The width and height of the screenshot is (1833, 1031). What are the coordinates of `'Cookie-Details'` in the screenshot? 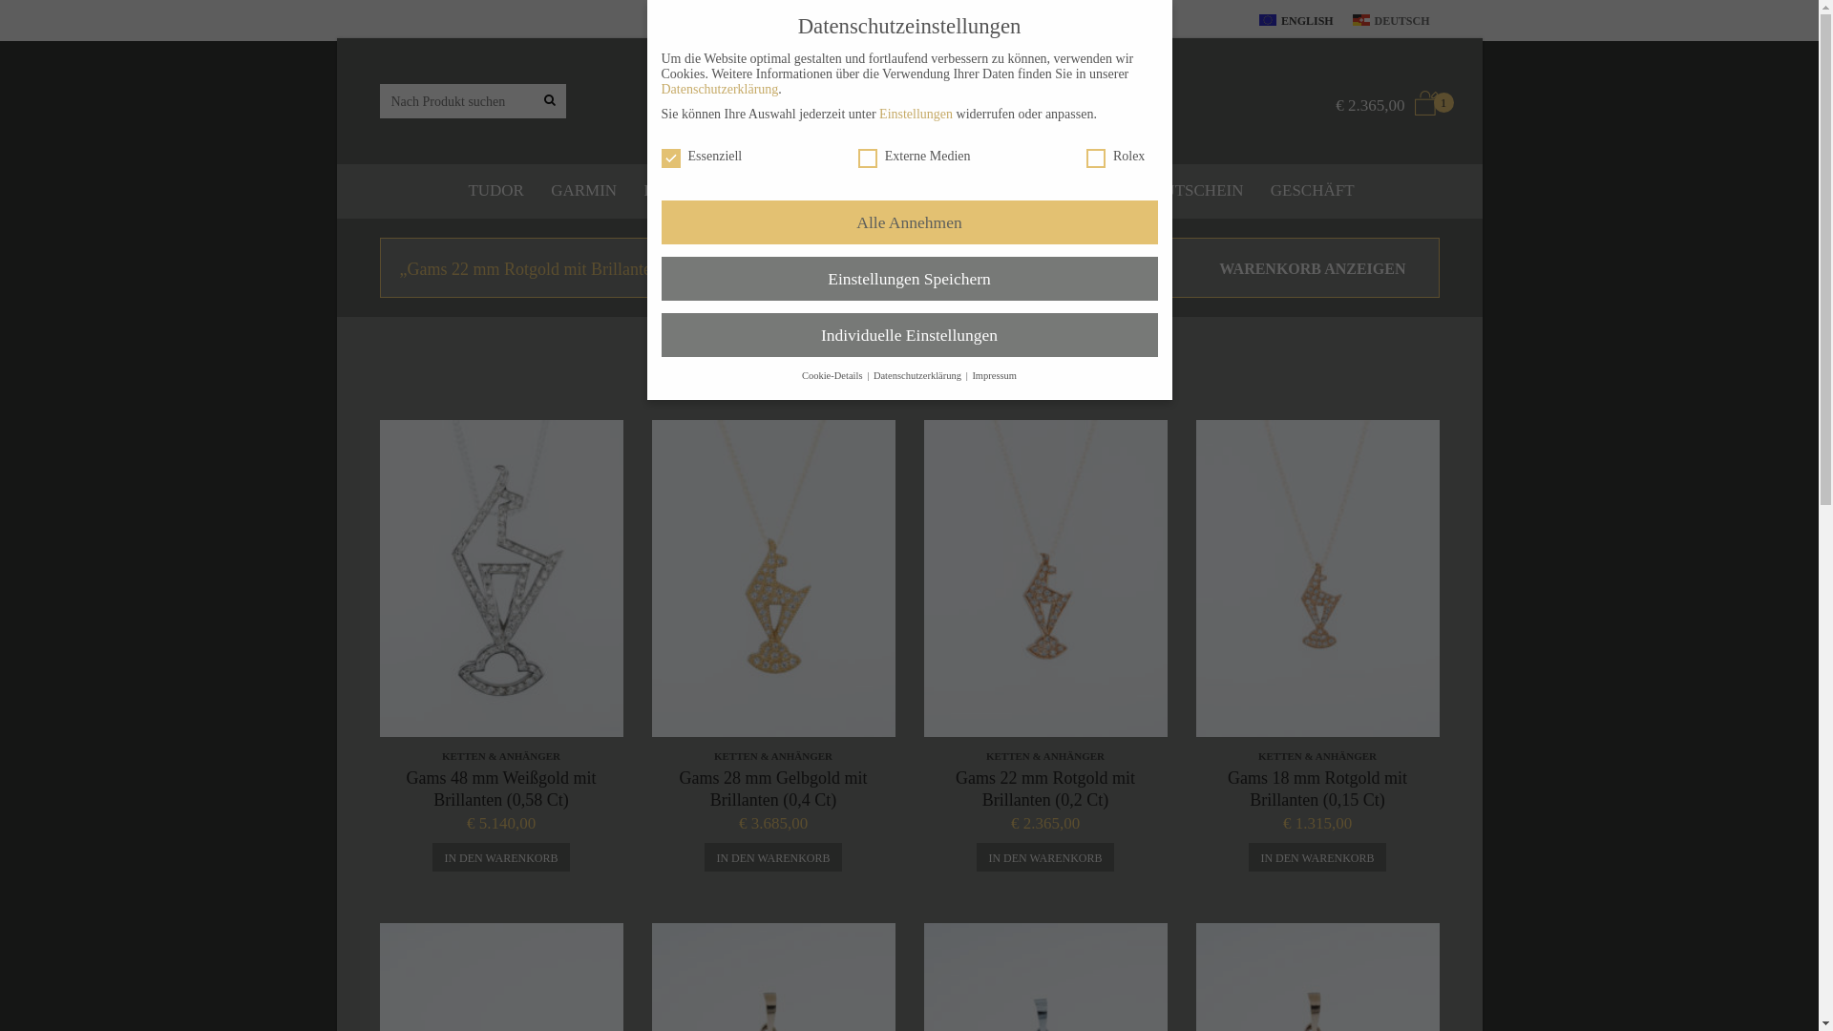 It's located at (802, 375).